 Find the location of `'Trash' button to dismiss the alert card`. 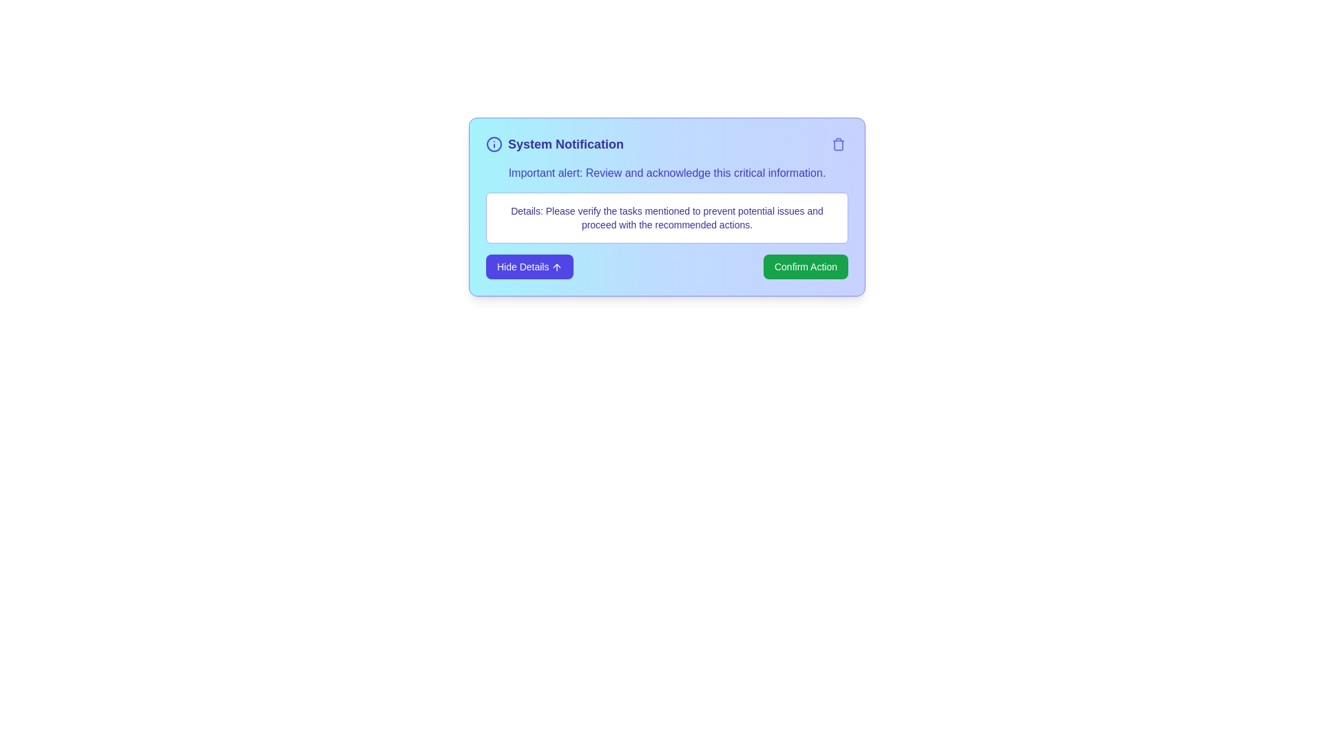

'Trash' button to dismiss the alert card is located at coordinates (838, 144).